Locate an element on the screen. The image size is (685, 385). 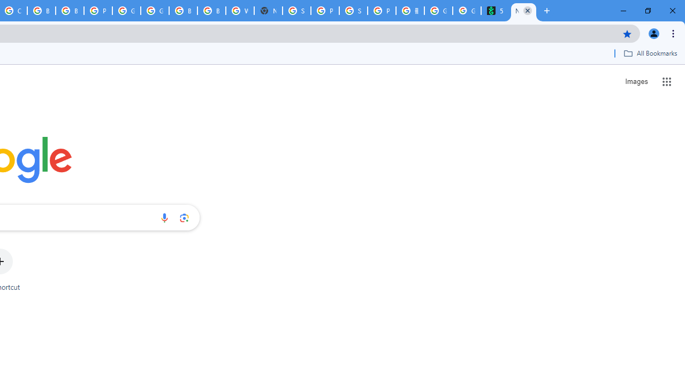
'New Tab' is located at coordinates (523, 11).